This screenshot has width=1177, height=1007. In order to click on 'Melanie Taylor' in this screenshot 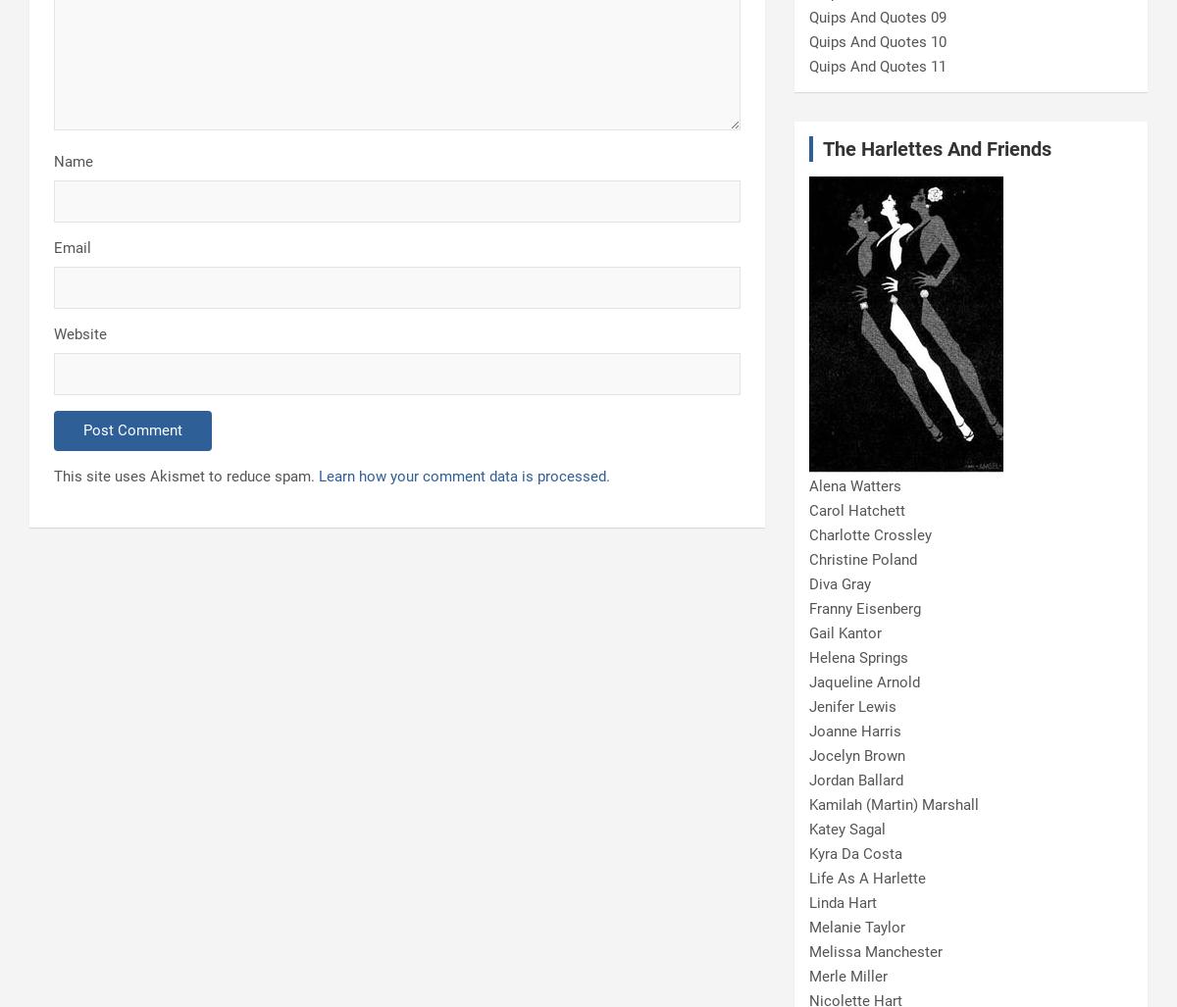, I will do `click(855, 927)`.